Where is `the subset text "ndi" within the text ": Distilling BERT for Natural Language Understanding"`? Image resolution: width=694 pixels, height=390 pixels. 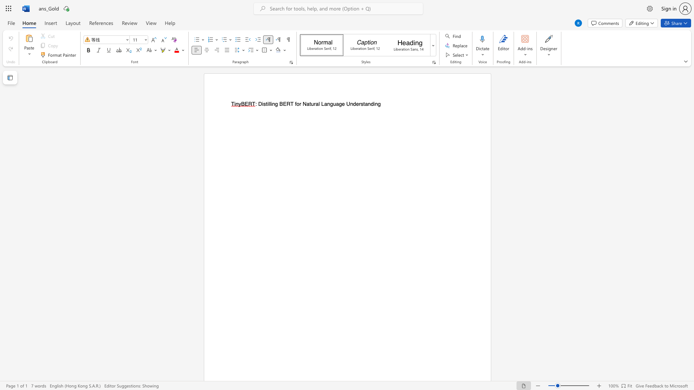
the subset text "ndi" within the text ": Distilling BERT for Natural Language Understanding" is located at coordinates (368, 104).